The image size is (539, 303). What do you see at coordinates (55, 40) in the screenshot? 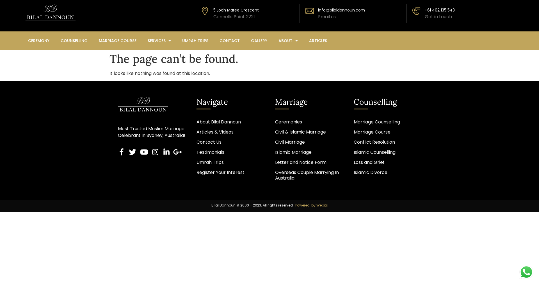
I see `'COUNSELLING'` at bounding box center [55, 40].